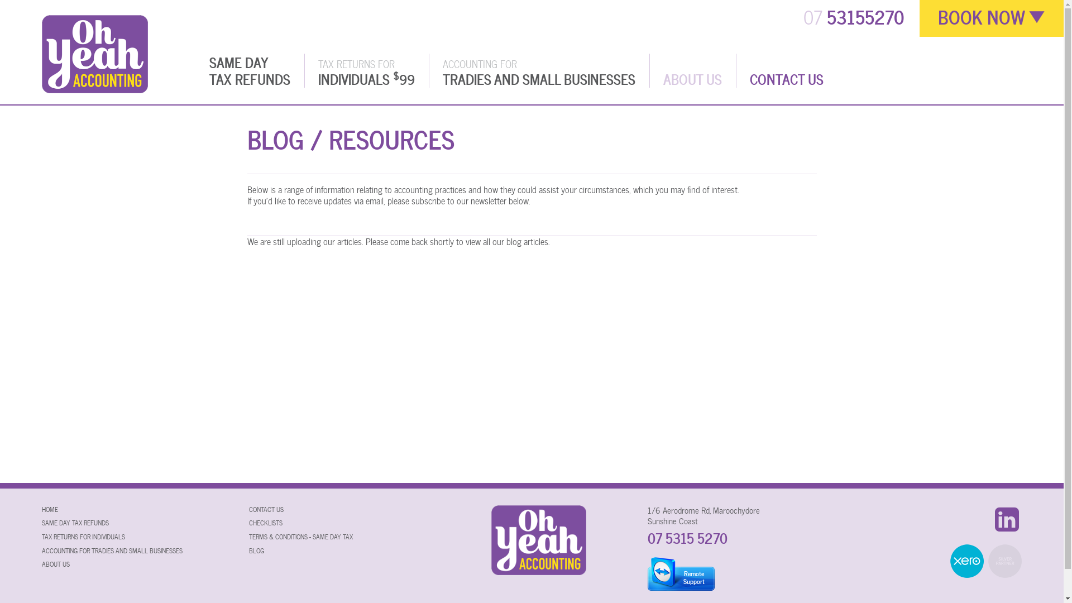 This screenshot has width=1072, height=603. Describe the element at coordinates (680, 573) in the screenshot. I see `'Remote Support'` at that location.